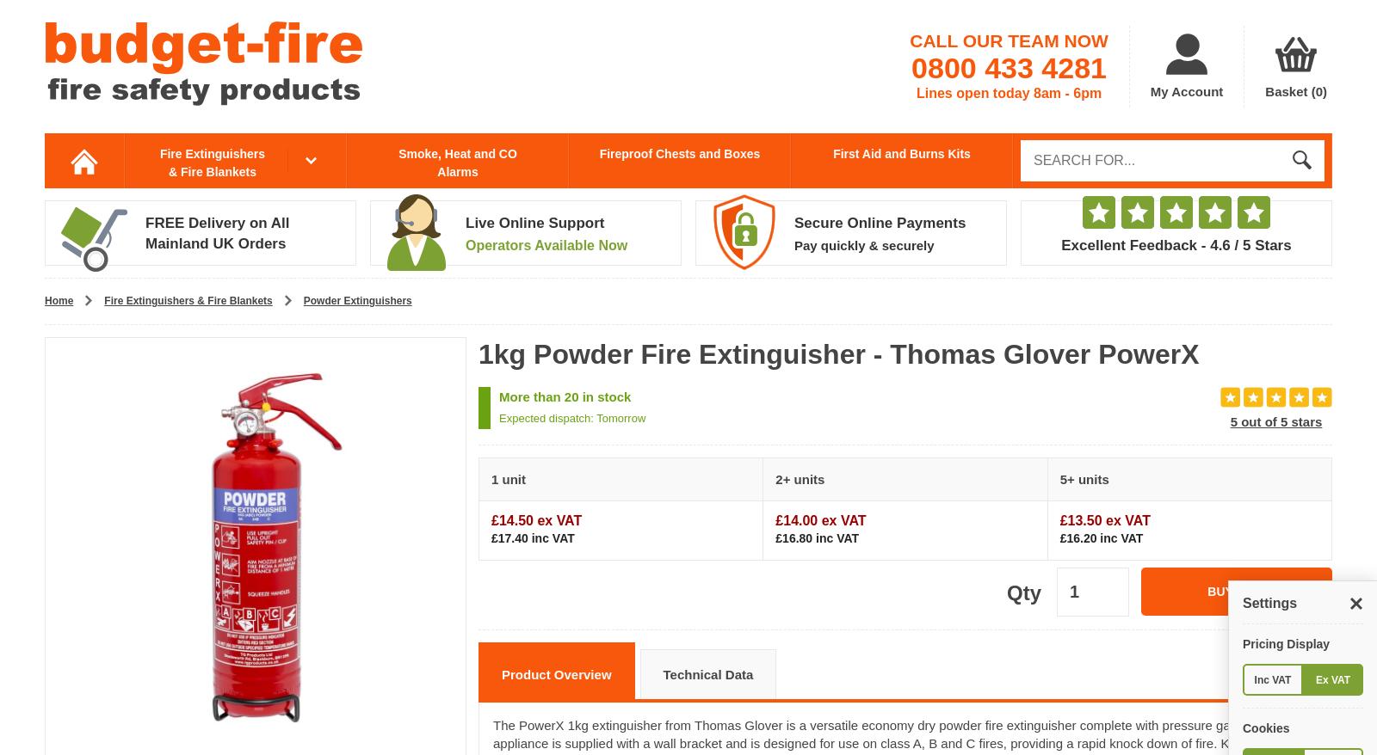  Describe the element at coordinates (863, 243) in the screenshot. I see `'Pay quickly & securely'` at that location.